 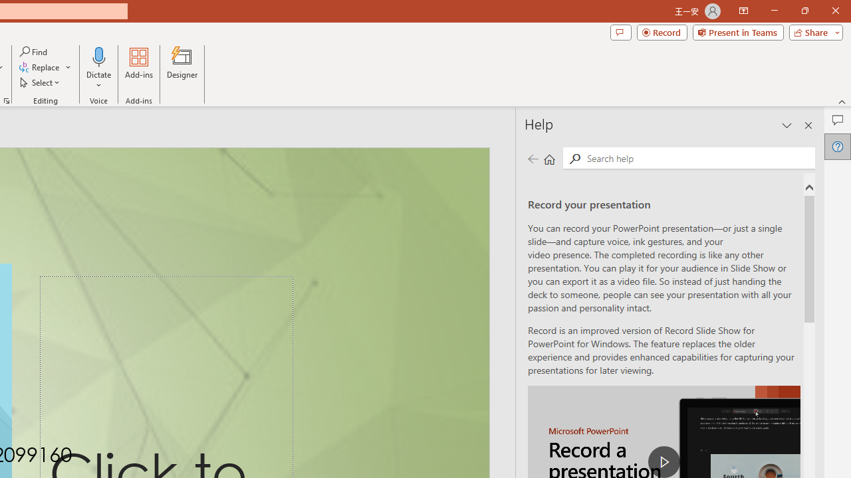 I want to click on 'Close pane', so click(x=808, y=125).